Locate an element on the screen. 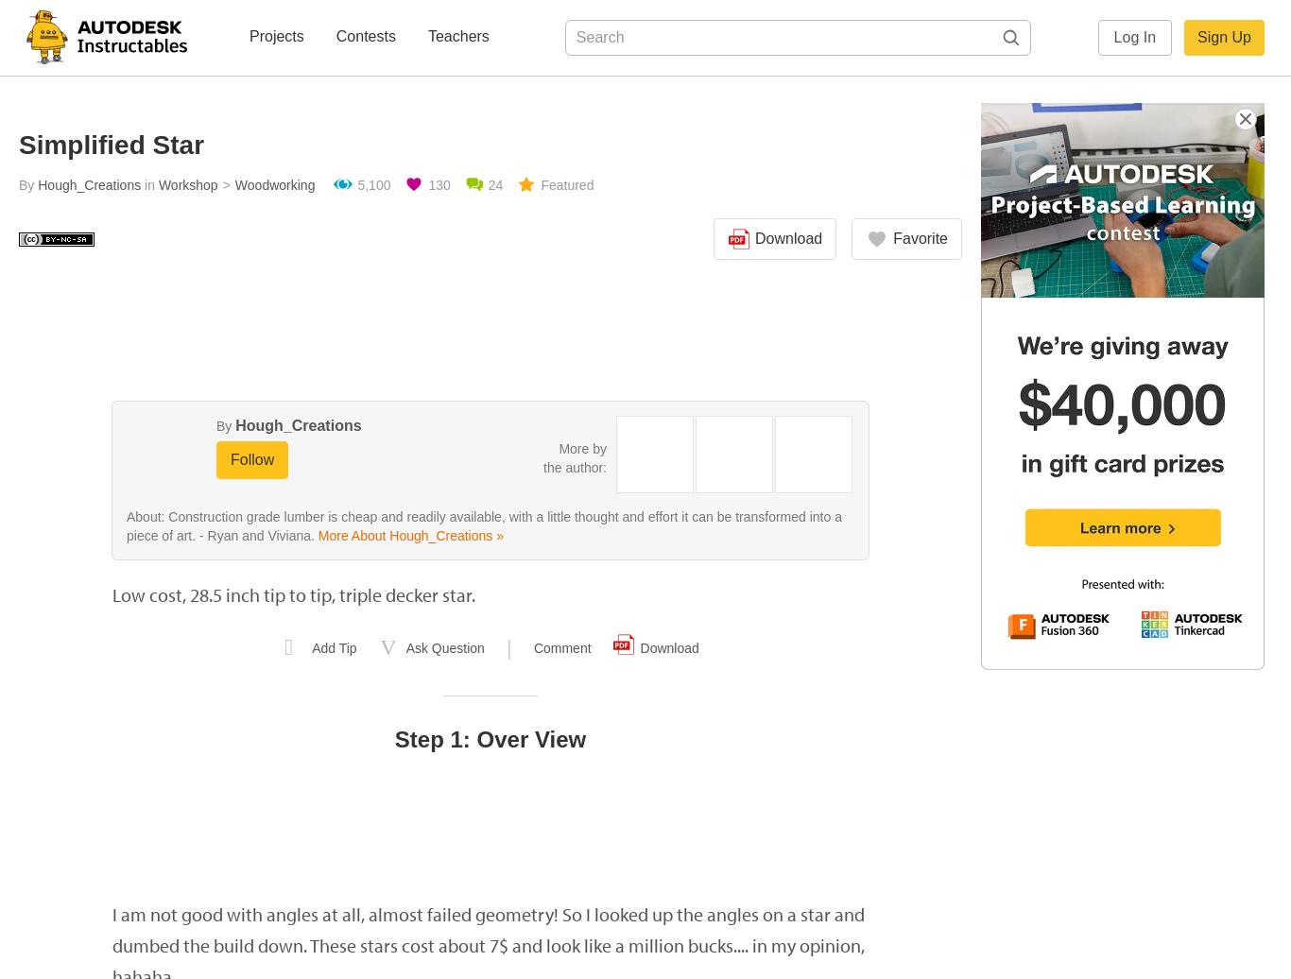  'Ask Question' is located at coordinates (405, 648).